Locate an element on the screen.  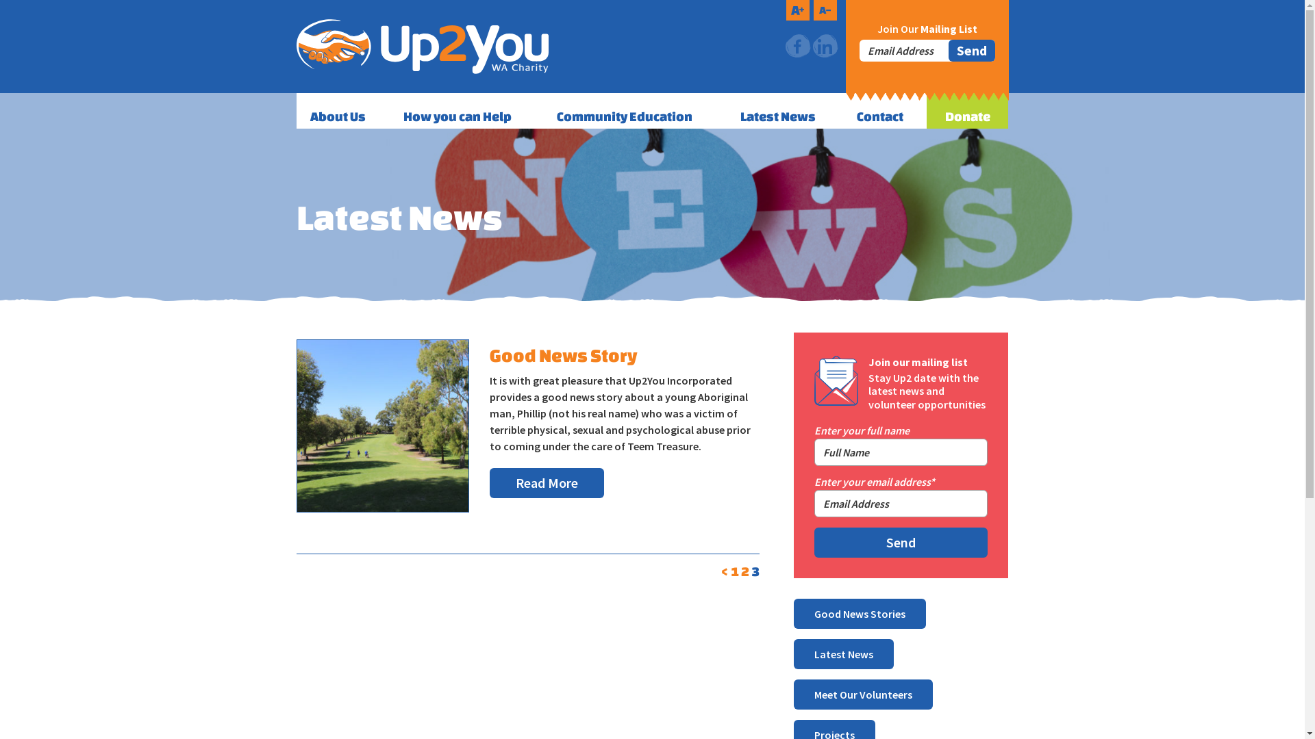
'2' is located at coordinates (744, 571).